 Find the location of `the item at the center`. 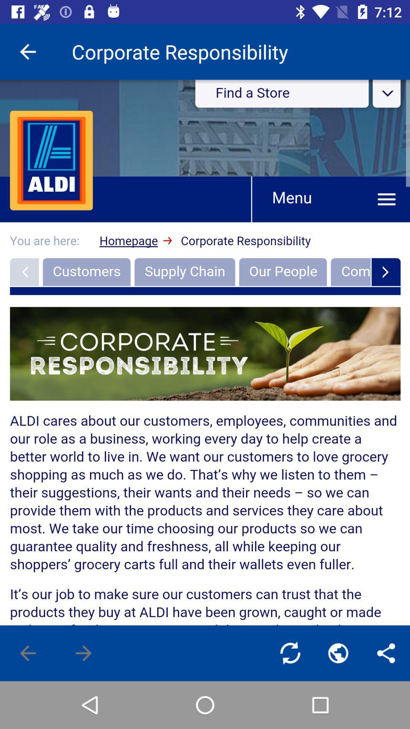

the item at the center is located at coordinates (205, 352).